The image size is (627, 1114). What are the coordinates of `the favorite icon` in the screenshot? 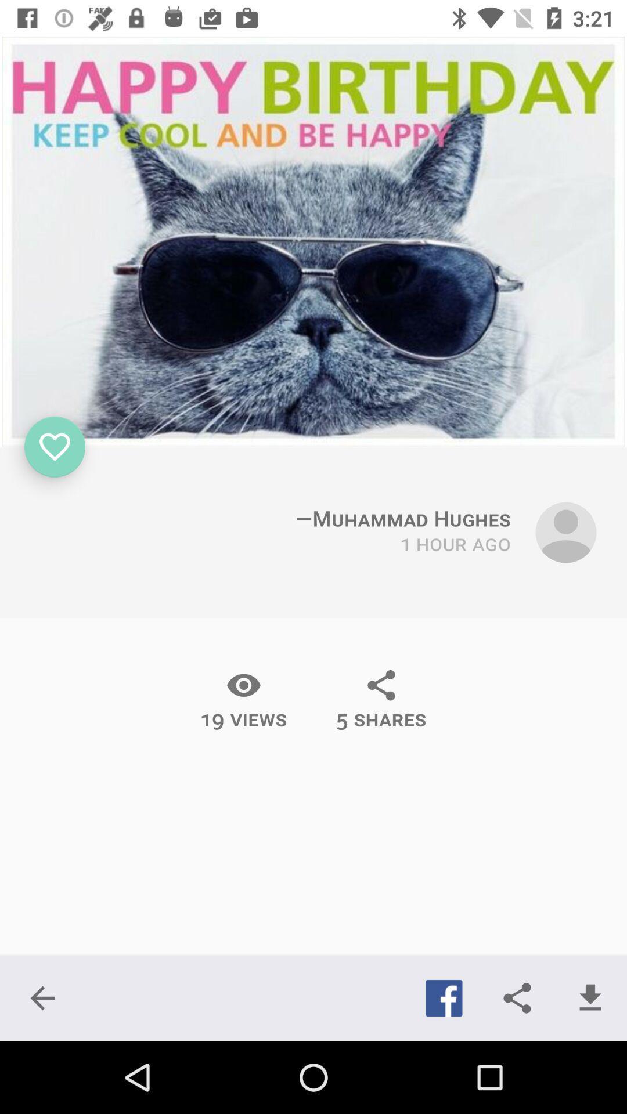 It's located at (55, 446).